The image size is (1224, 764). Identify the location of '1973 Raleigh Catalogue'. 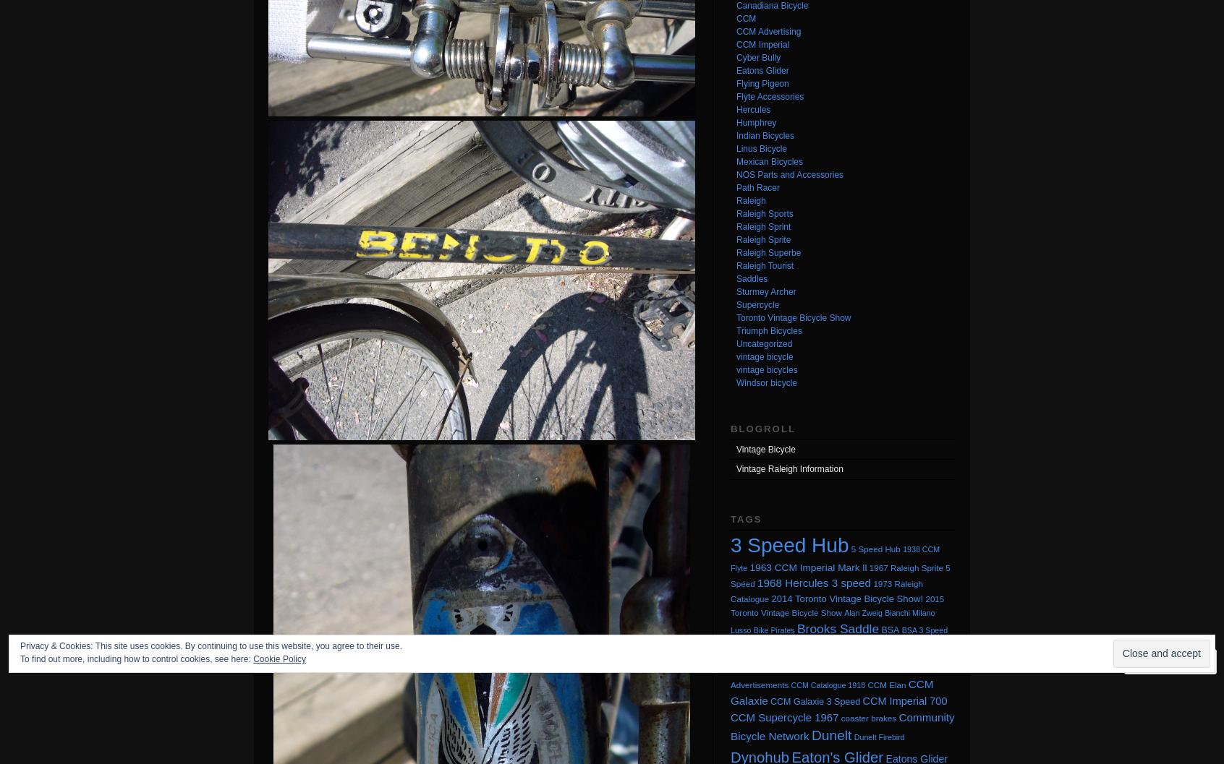
(729, 591).